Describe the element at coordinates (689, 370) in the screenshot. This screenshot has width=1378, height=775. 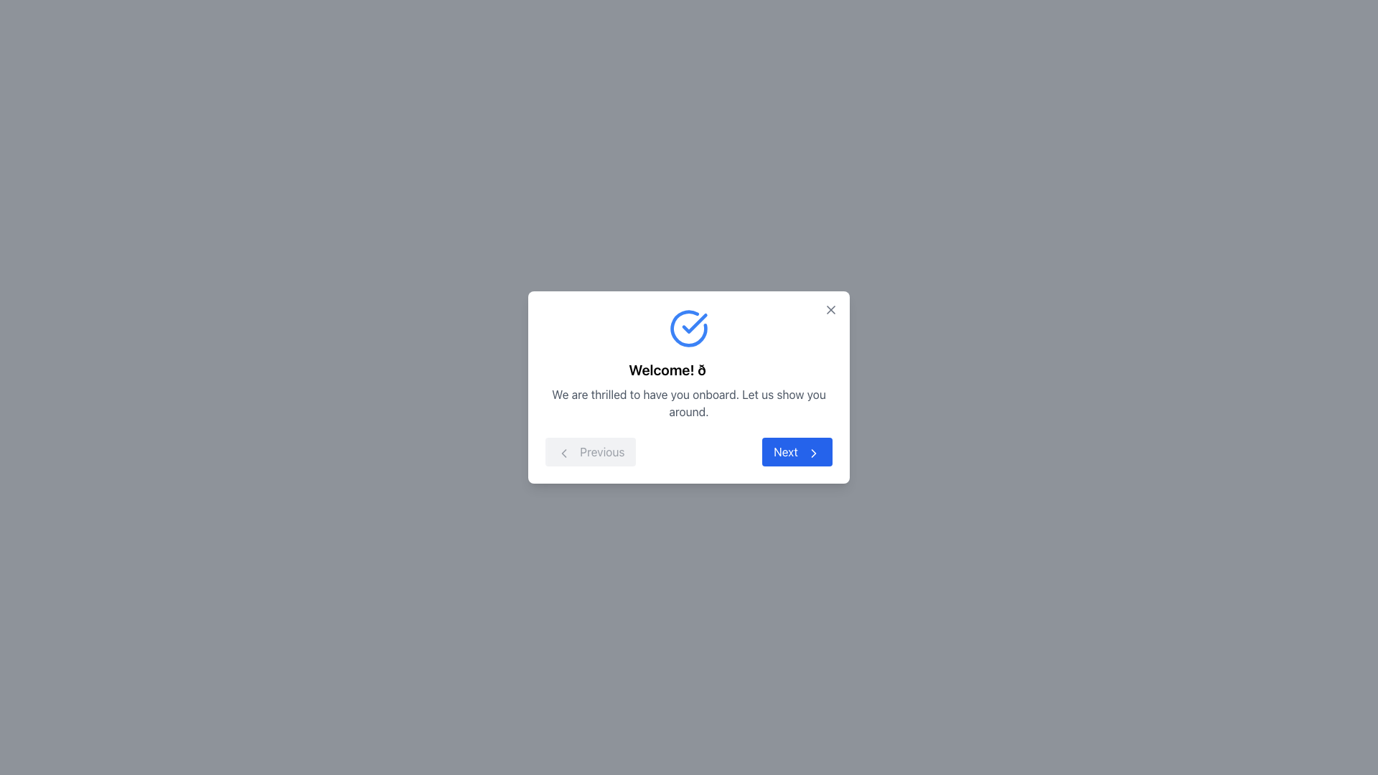
I see `welcoming heading text located in the modal, which is centered below the circular checkmark icon and above the descriptive text block` at that location.